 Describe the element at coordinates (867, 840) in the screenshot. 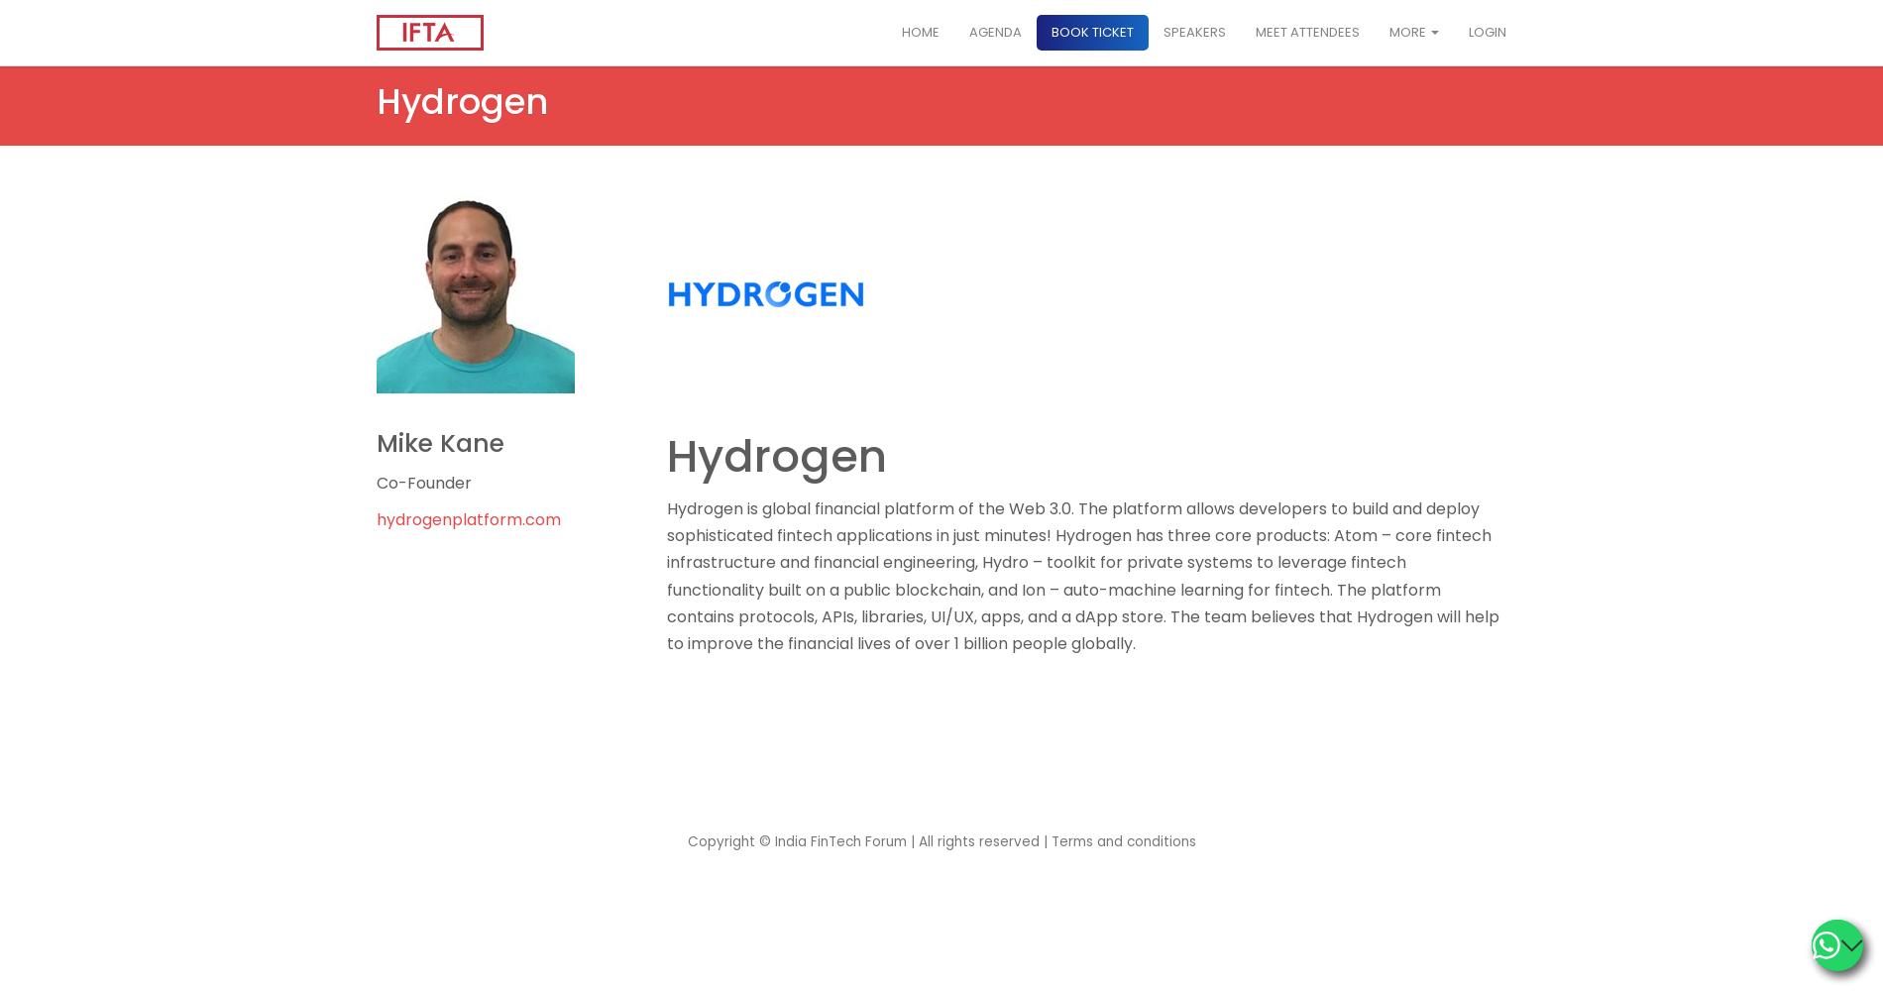

I see `'Copyright © India FinTech Forum | All rights reserved |'` at that location.